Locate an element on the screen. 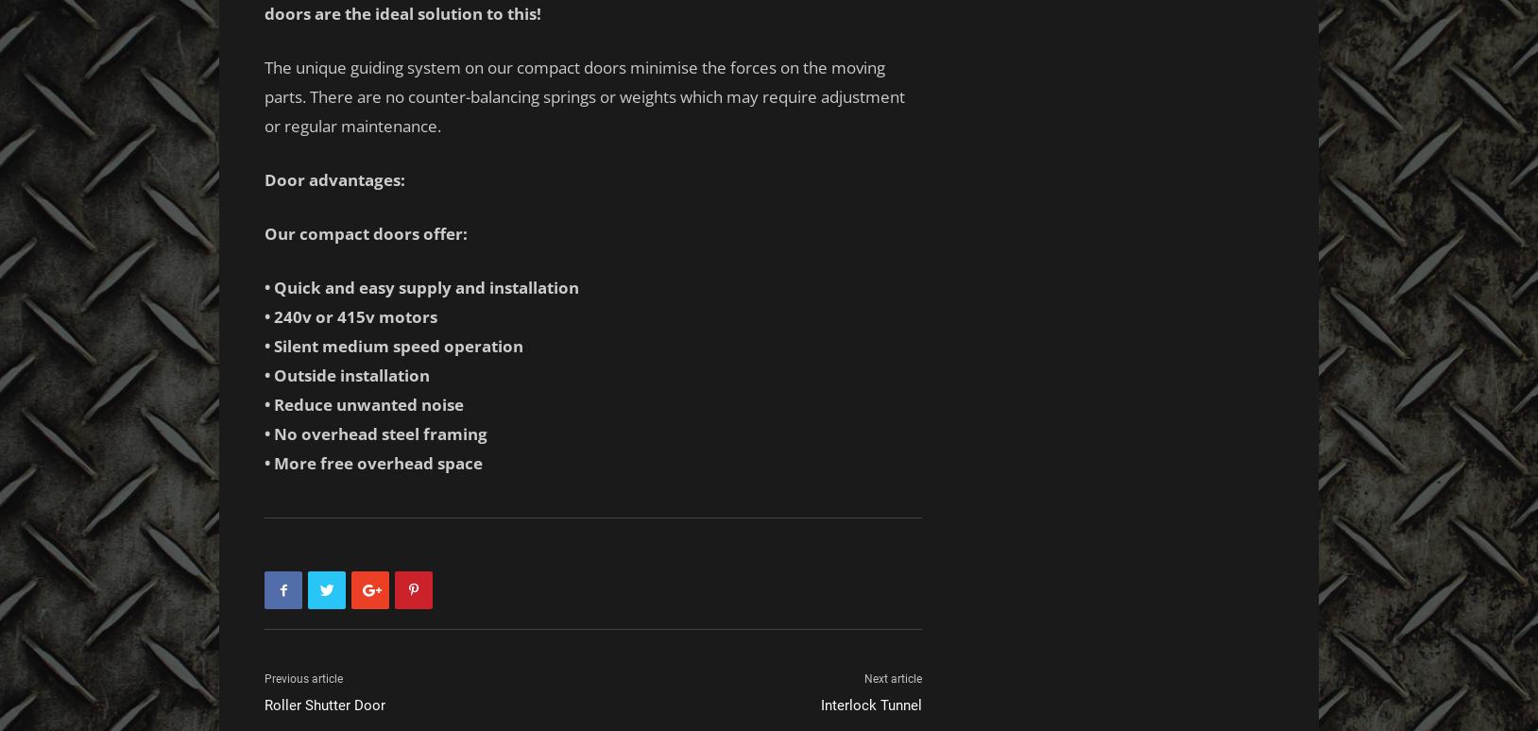 Image resolution: width=1538 pixels, height=731 pixels. '• Reduce unwanted noise' is located at coordinates (364, 403).